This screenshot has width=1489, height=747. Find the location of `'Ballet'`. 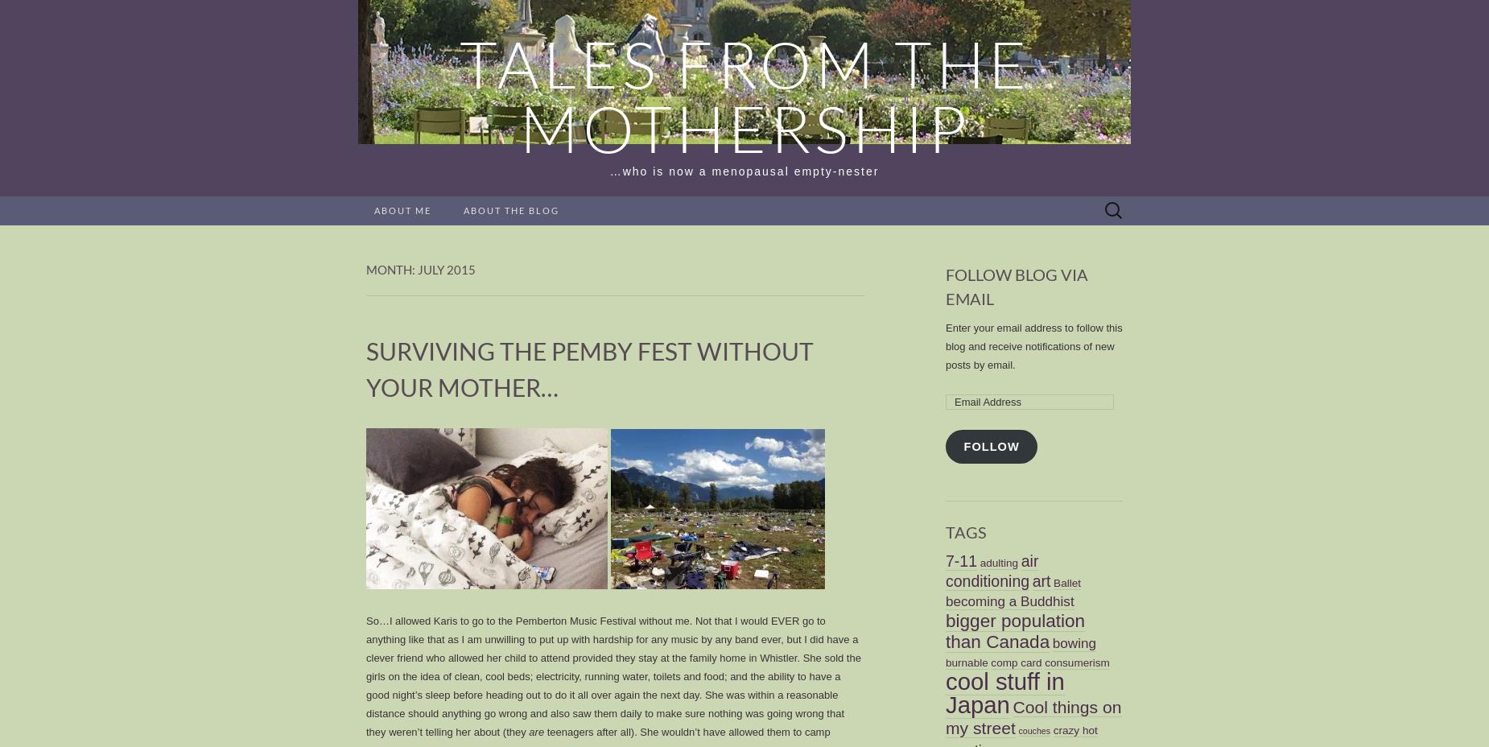

'Ballet' is located at coordinates (1066, 581).